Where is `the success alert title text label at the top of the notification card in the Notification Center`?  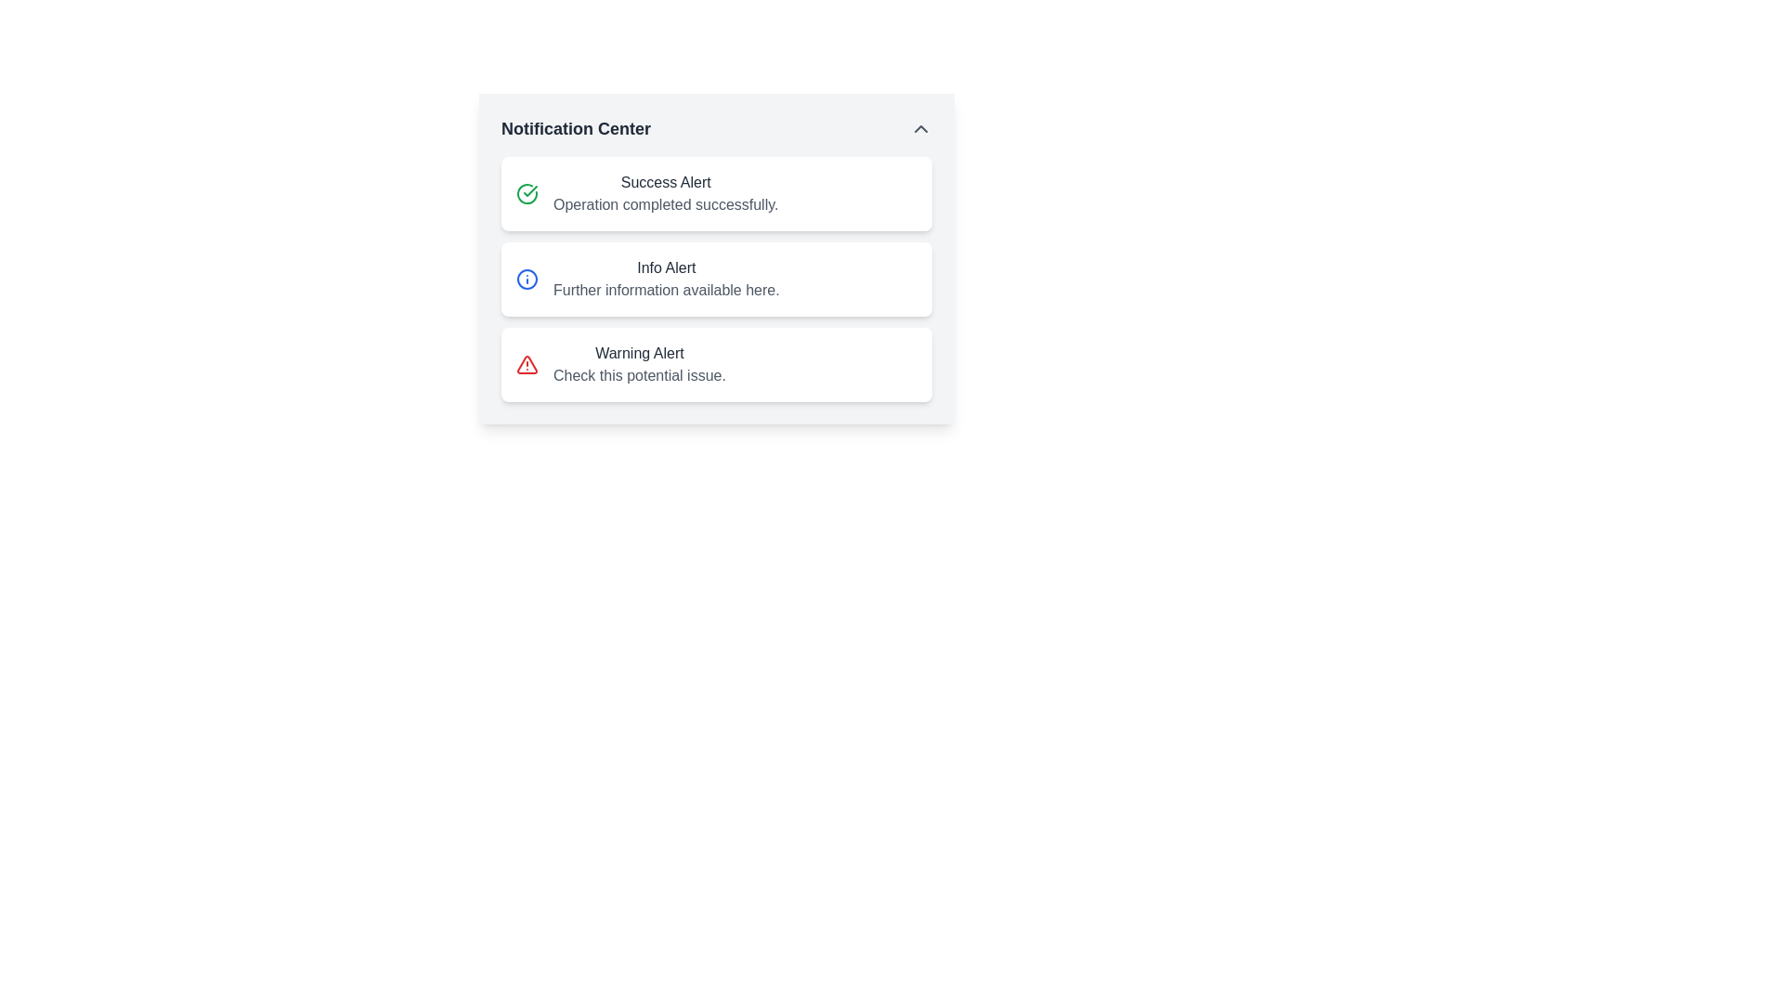
the success alert title text label at the top of the notification card in the Notification Center is located at coordinates (666, 182).